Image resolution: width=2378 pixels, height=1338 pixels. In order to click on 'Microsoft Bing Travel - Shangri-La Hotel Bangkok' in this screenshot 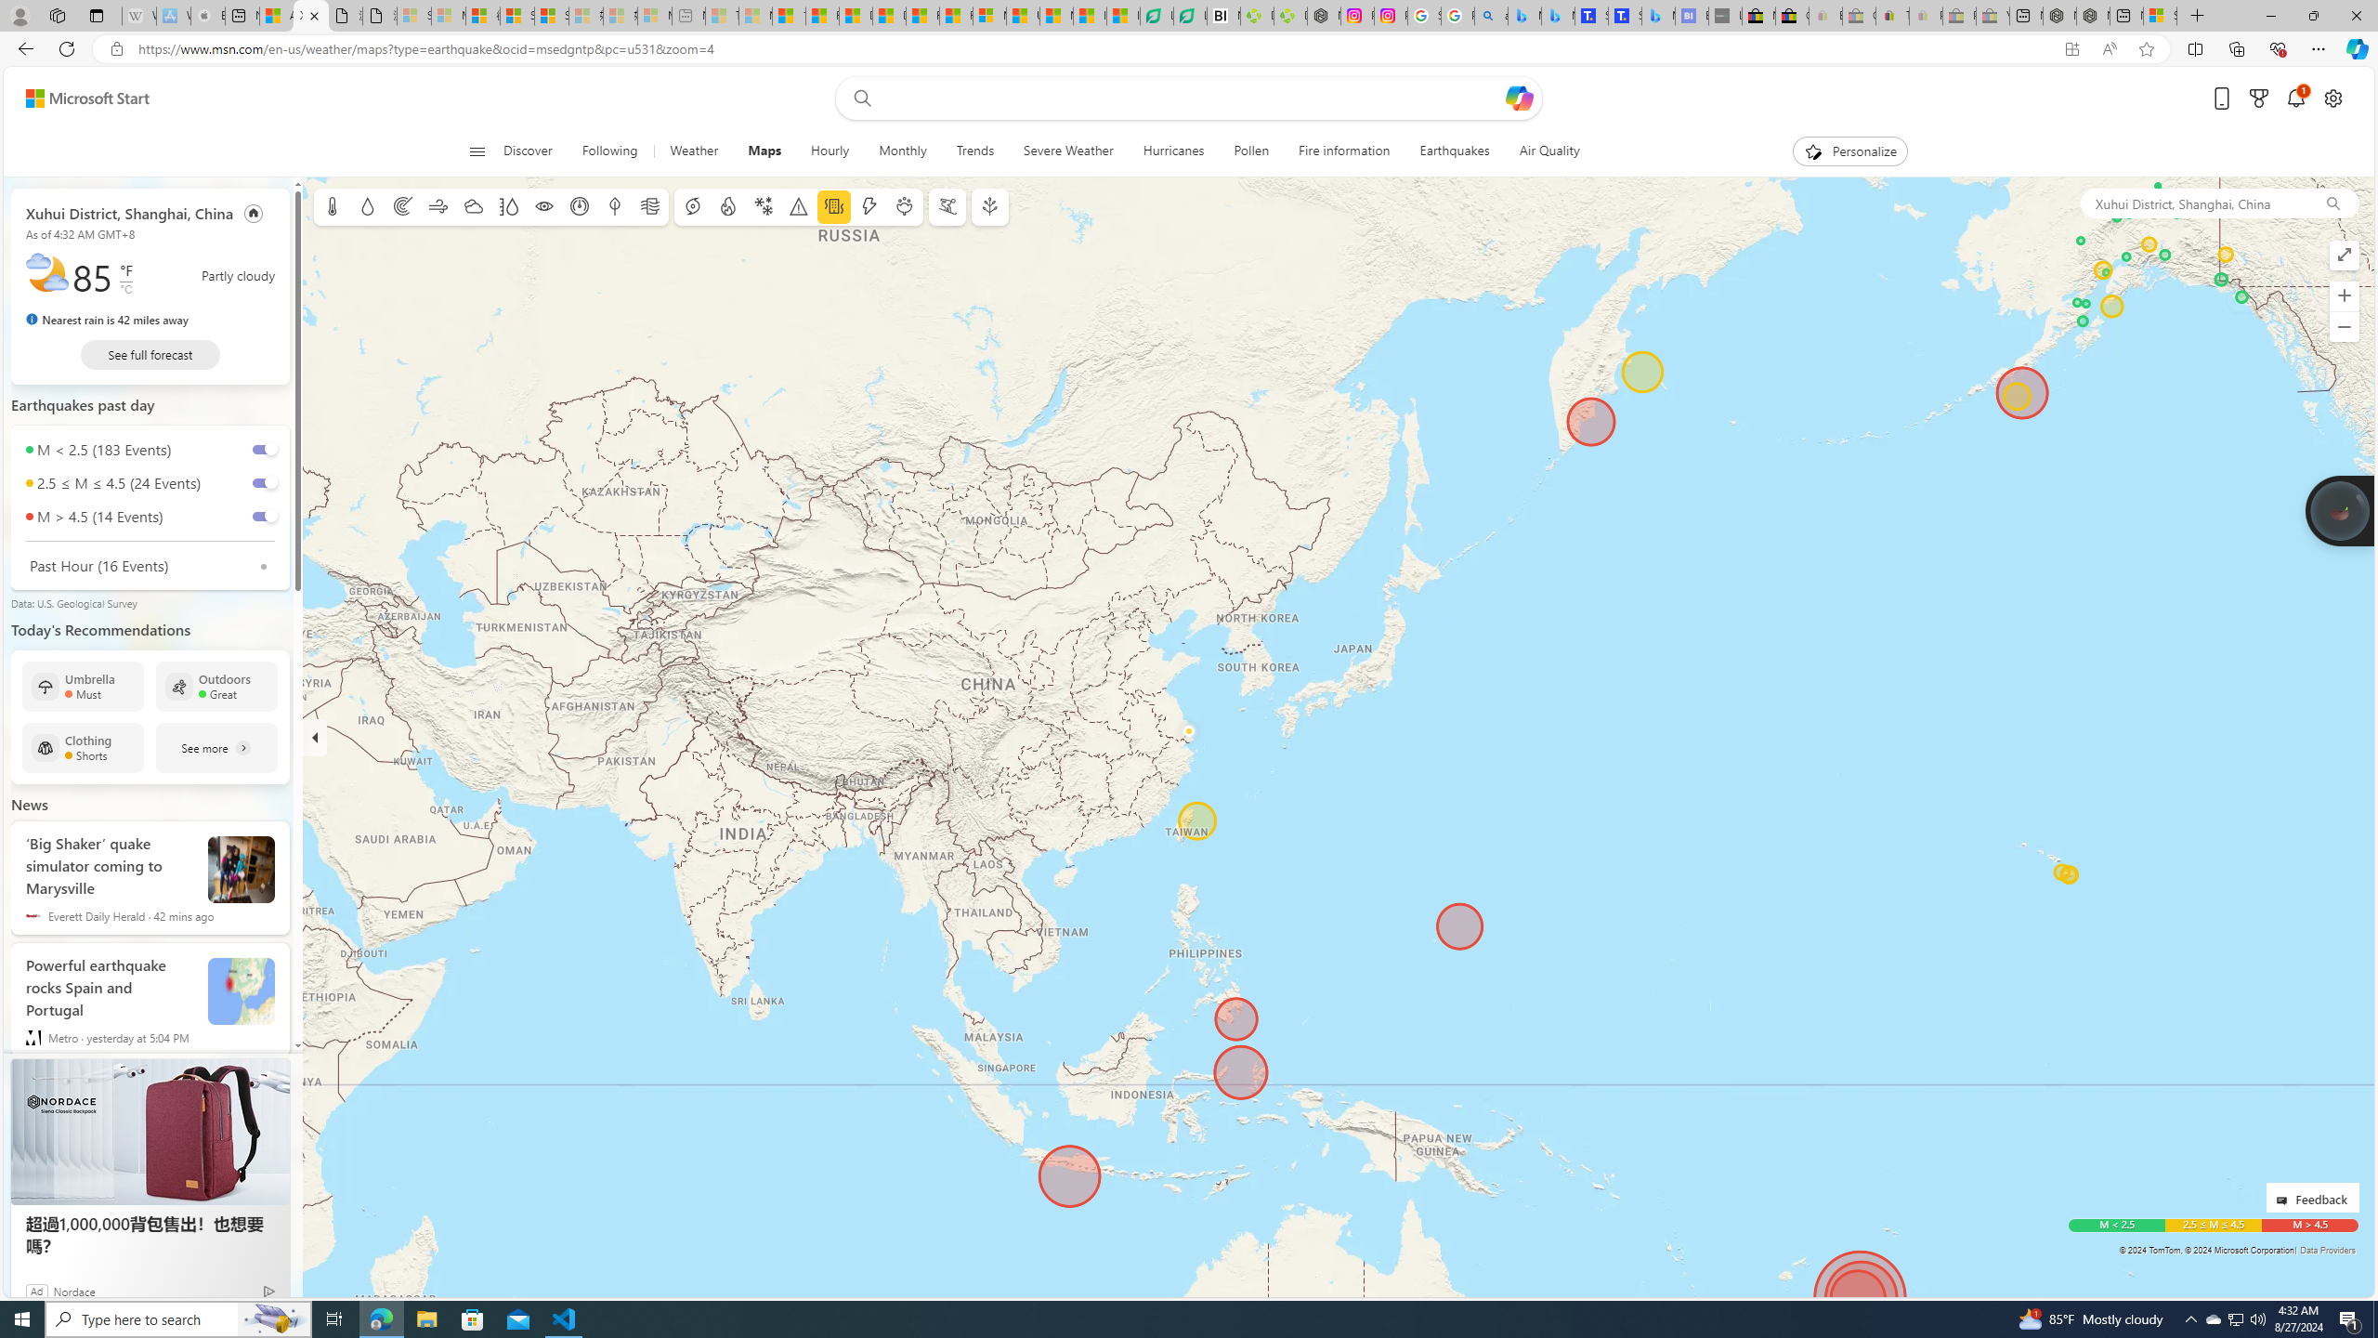, I will do `click(1658, 15)`.